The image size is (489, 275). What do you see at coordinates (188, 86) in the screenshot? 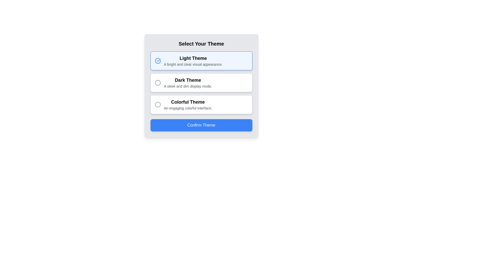
I see `the text label stating 'A sleek and dim display mode', which is styled in gray and located below the title 'Dark Theme'` at bounding box center [188, 86].